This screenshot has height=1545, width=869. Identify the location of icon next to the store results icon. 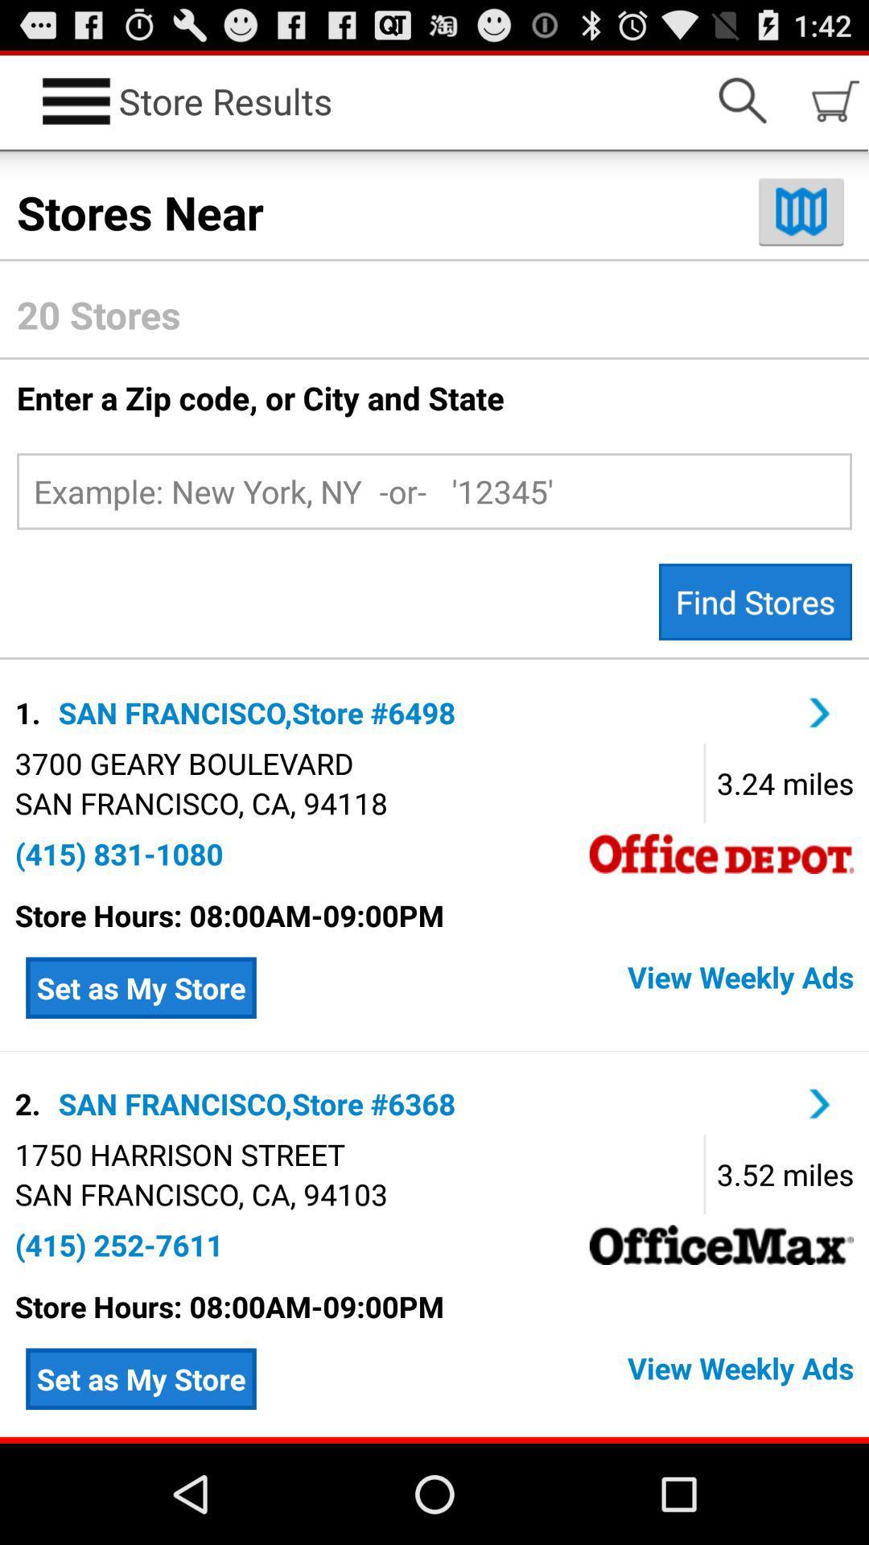
(742, 100).